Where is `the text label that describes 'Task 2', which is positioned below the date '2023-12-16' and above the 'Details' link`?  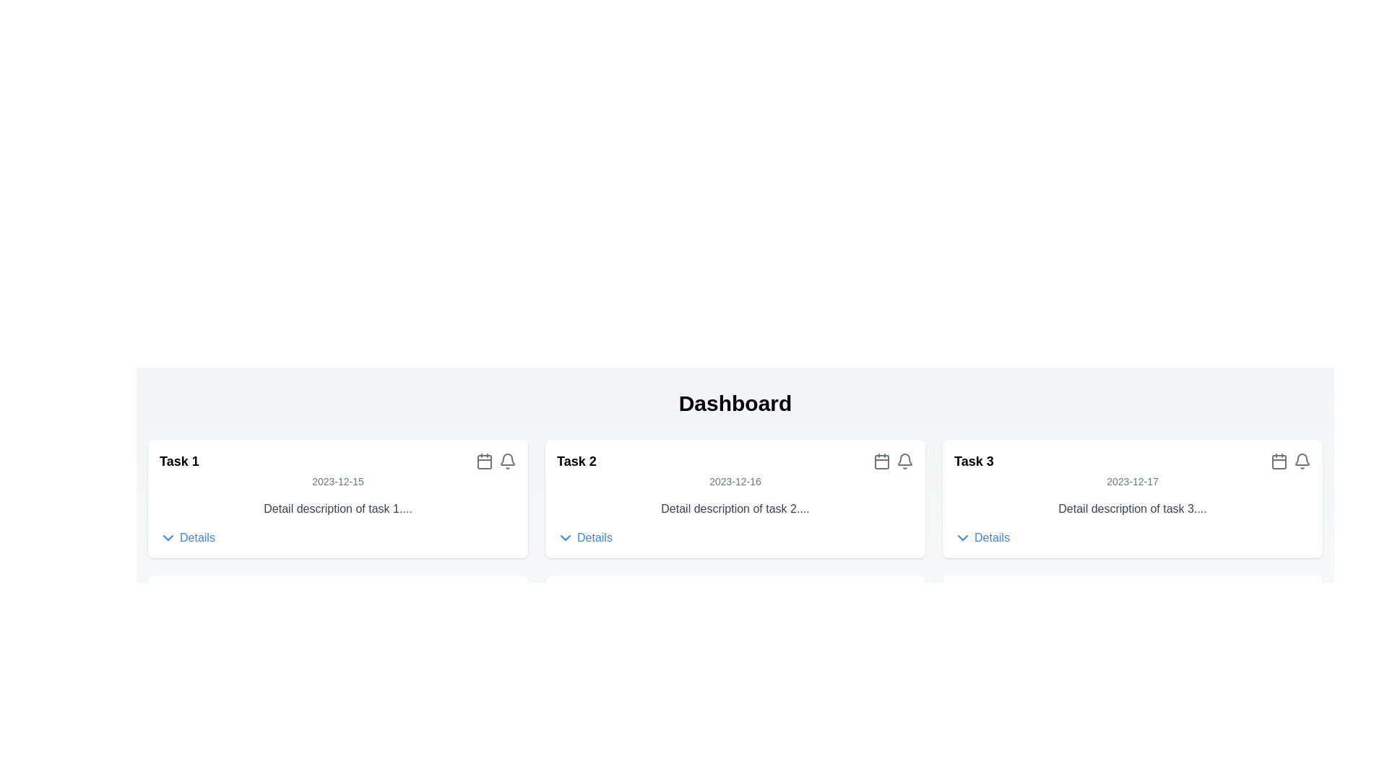 the text label that describes 'Task 2', which is positioned below the date '2023-12-16' and above the 'Details' link is located at coordinates (735, 508).